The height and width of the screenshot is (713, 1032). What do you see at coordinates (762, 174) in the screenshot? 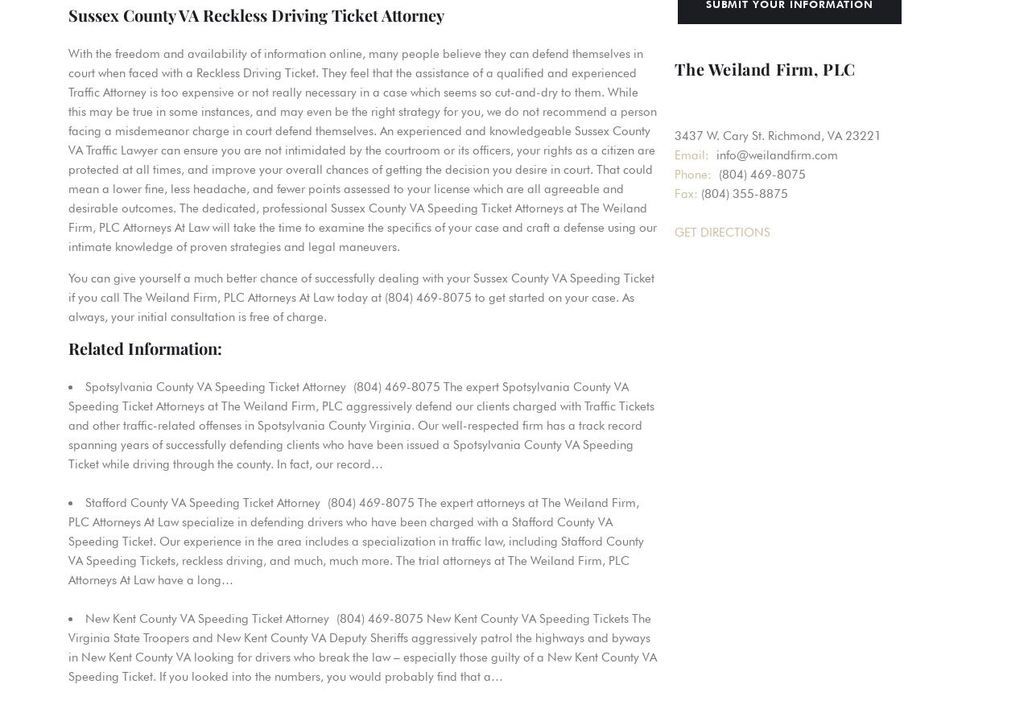
I see `'(804) 469-8075'` at bounding box center [762, 174].